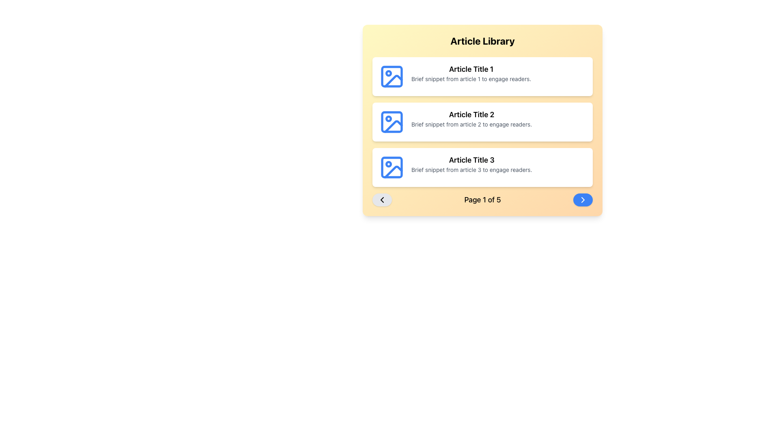 This screenshot has height=438, width=779. What do you see at coordinates (471, 125) in the screenshot?
I see `the text label that reads 'Brief snippet from article 2 to engage readers.' located below 'Article Title 2' in the second entry of the article list` at bounding box center [471, 125].